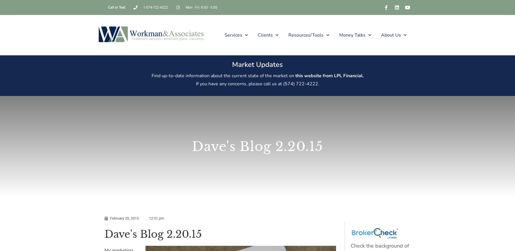 The height and width of the screenshot is (251, 515). What do you see at coordinates (288, 34) in the screenshot?
I see `'Resources/Tools'` at bounding box center [288, 34].